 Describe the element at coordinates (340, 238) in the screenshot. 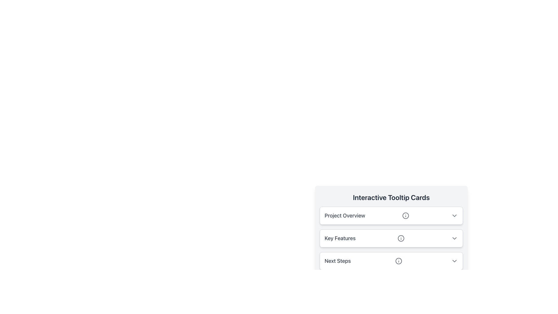

I see `the text label 'Key Features' which is styled with a larger font size and dark gray color, located within an interactive card row aligned to the left` at that location.